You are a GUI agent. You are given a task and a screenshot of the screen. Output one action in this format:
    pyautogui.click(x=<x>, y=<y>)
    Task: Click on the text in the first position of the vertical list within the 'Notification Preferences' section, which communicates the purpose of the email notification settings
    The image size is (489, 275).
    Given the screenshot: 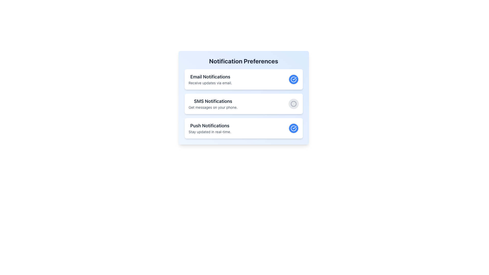 What is the action you would take?
    pyautogui.click(x=210, y=79)
    